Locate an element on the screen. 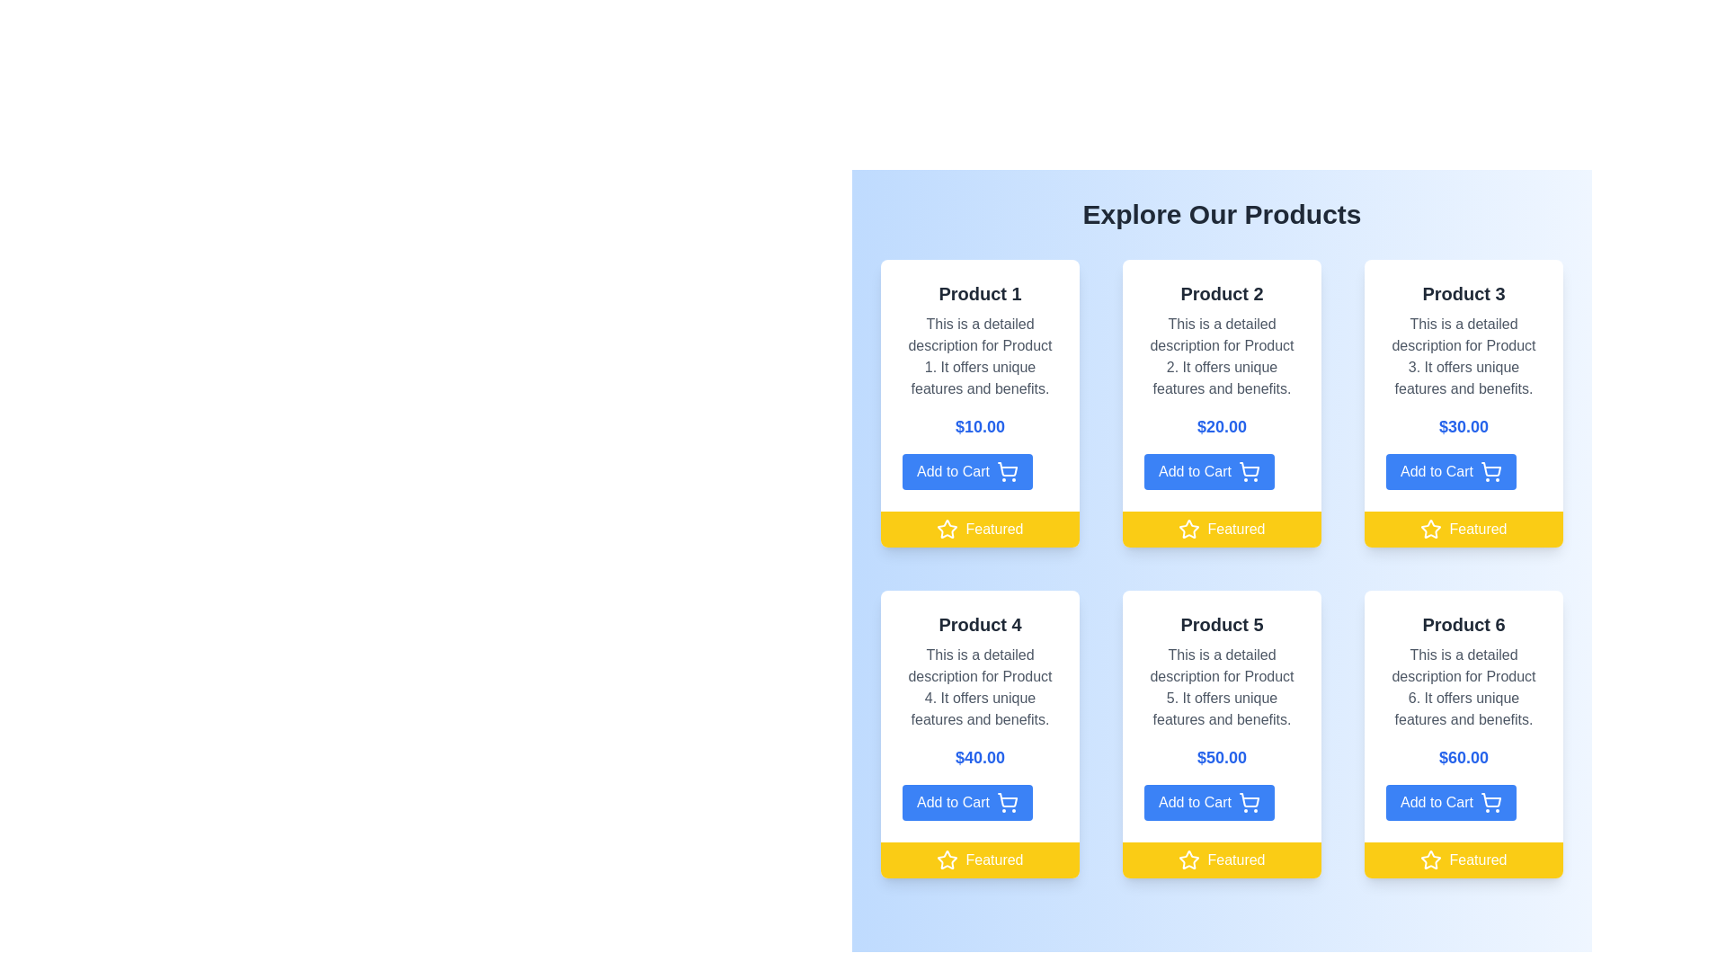  the 'Featured' label located beneath the blue 'Add to Cart' button in the 'Product 3' card is located at coordinates (1464, 529).